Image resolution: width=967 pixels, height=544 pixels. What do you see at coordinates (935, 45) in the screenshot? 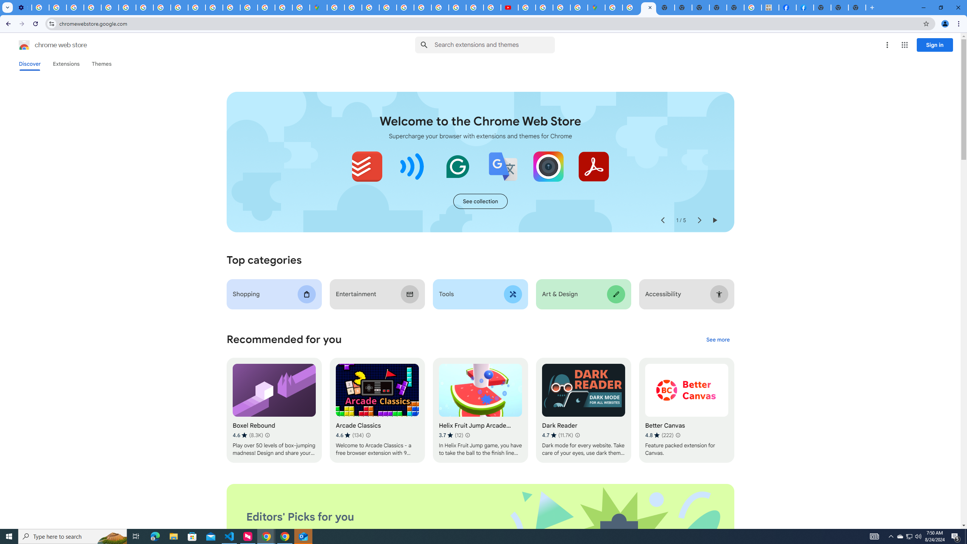
I see `'Sign in'` at bounding box center [935, 45].